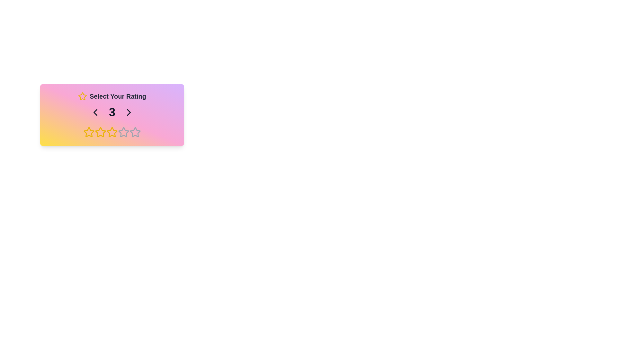 The height and width of the screenshot is (347, 617). What do you see at coordinates (95, 112) in the screenshot?
I see `the leftward-pointing chevron arrow button, which is dark gray and positioned to the left of the numeral '3', to trigger a tooltip or visual feedback` at bounding box center [95, 112].